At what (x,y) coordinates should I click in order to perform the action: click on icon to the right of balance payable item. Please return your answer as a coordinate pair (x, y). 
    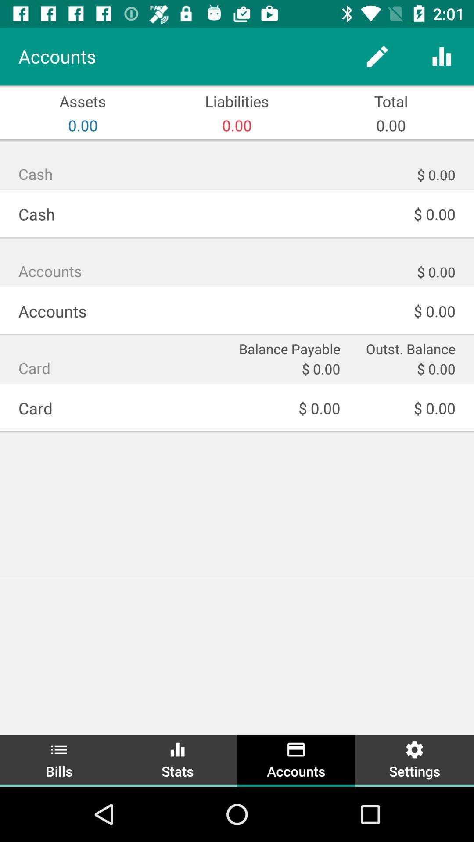
    Looking at the image, I should click on (403, 347).